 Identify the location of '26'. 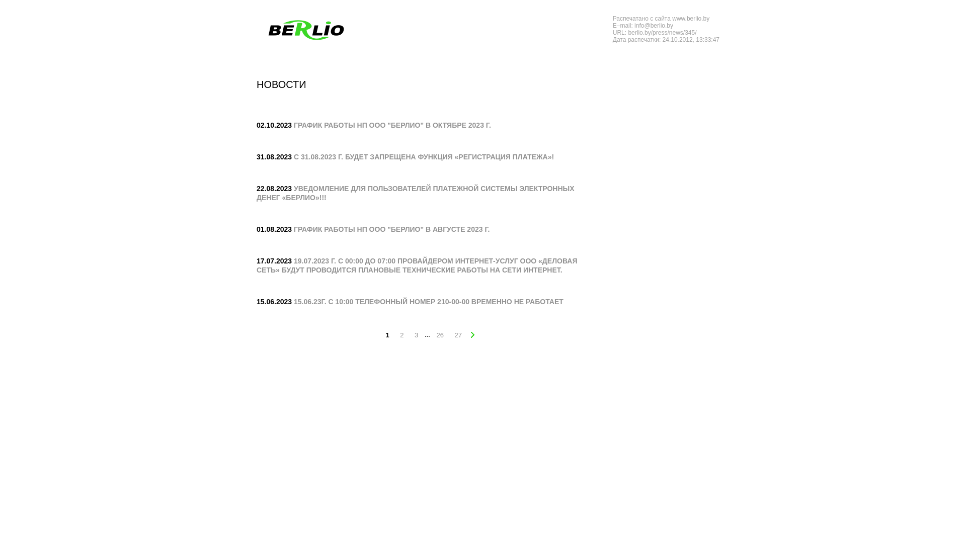
(433, 335).